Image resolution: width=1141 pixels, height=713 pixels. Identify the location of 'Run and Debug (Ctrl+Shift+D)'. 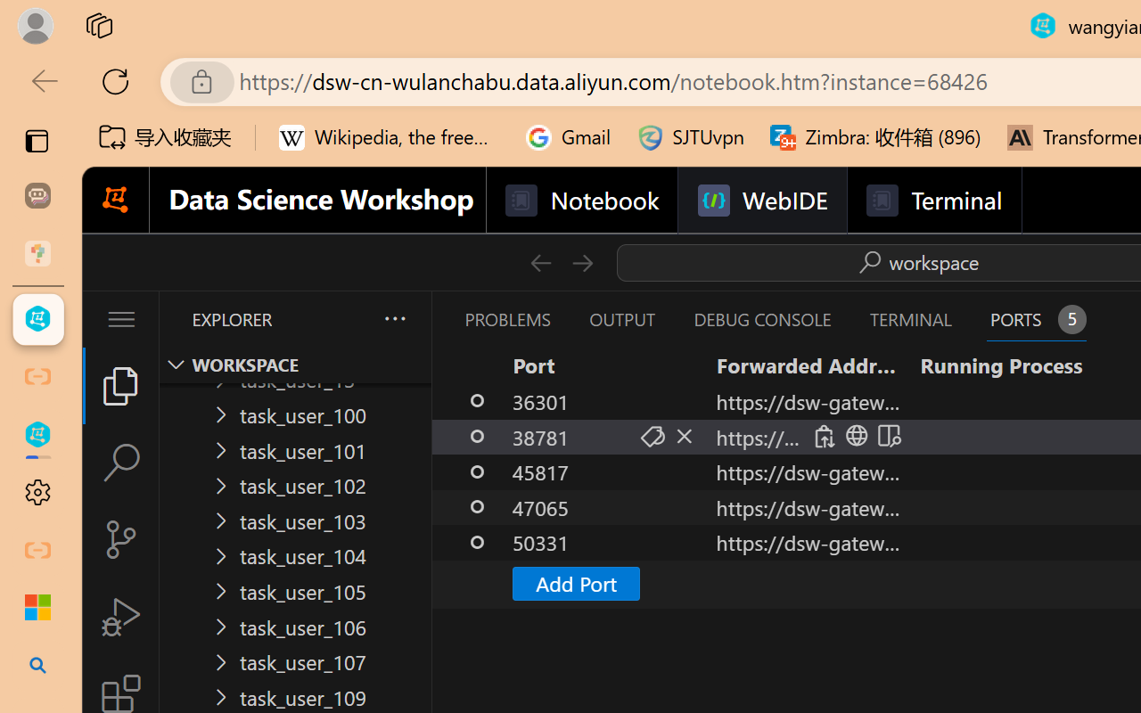
(119, 617).